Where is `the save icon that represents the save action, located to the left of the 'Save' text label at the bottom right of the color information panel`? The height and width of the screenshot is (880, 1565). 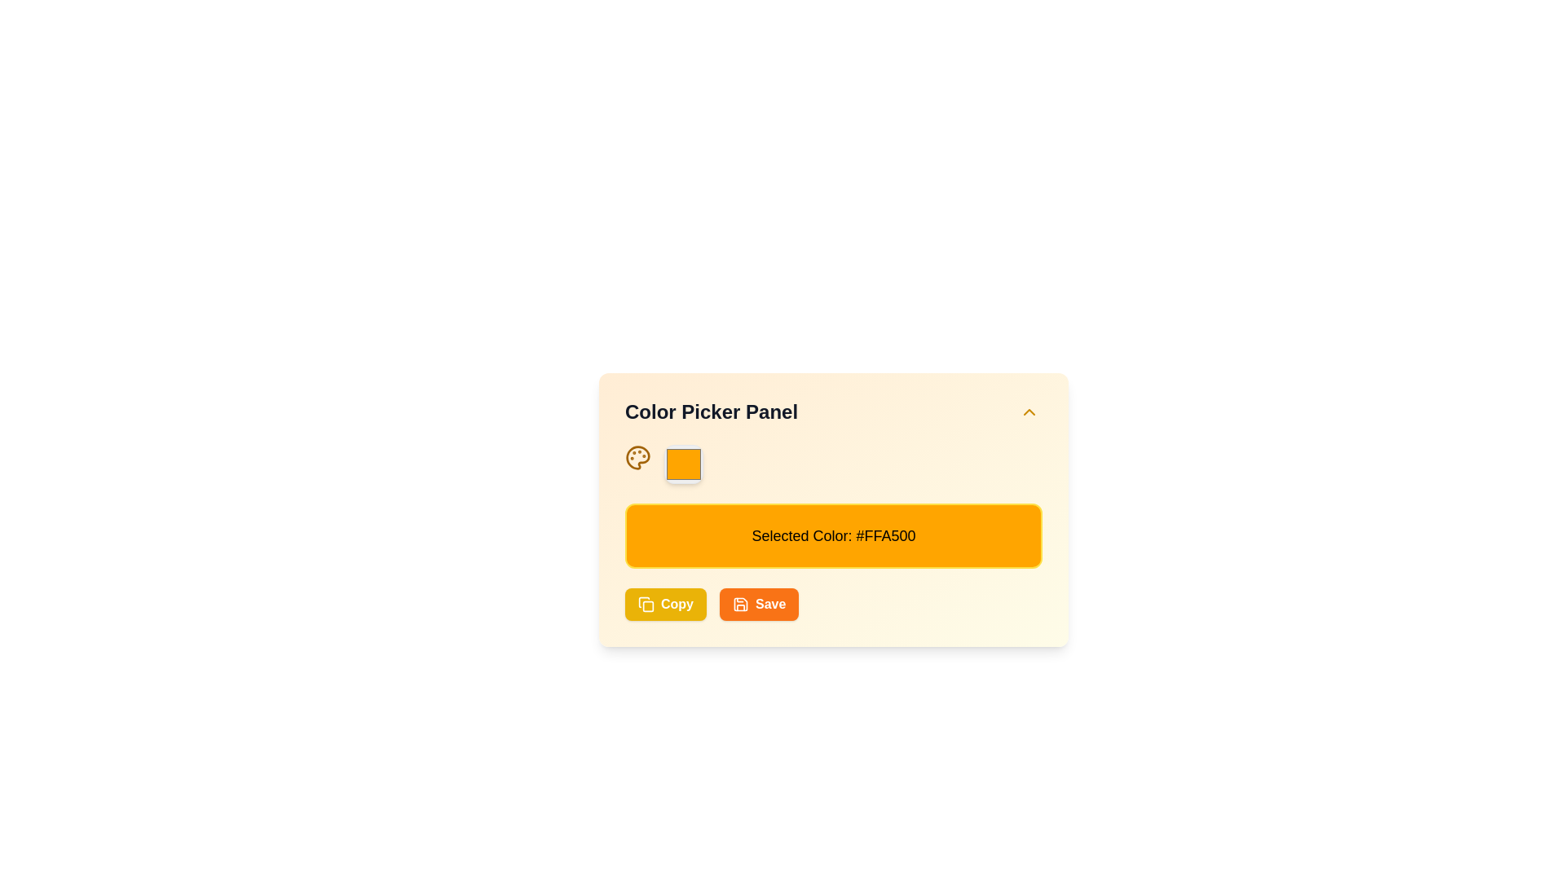
the save icon that represents the save action, located to the left of the 'Save' text label at the bottom right of the color information panel is located at coordinates (739, 604).